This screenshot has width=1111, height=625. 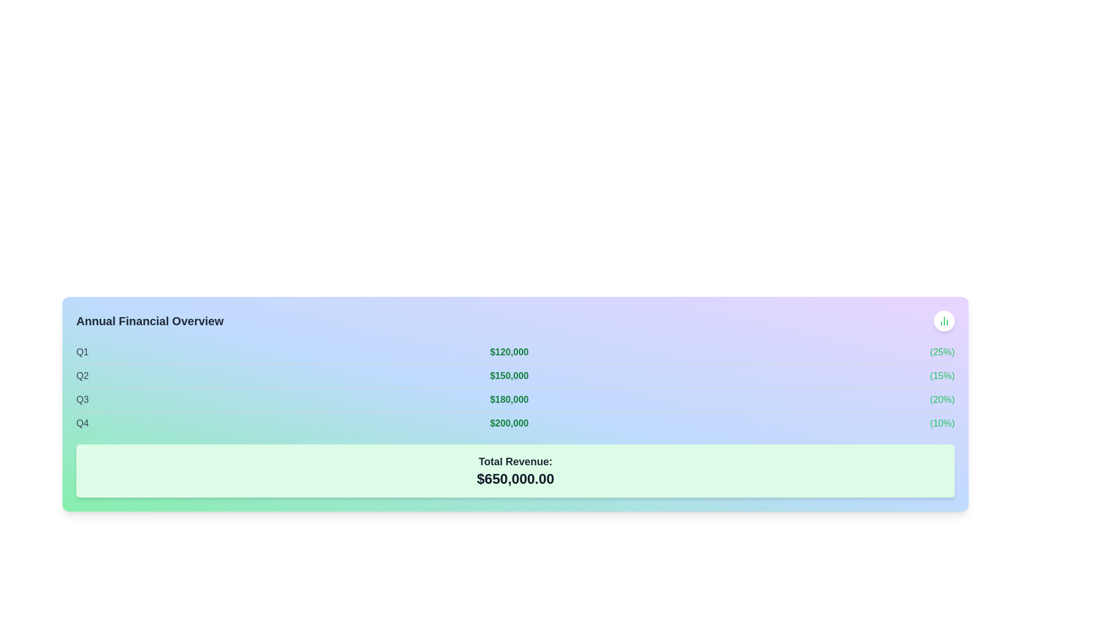 What do you see at coordinates (82, 399) in the screenshot?
I see `text label displaying 'Q3' which is formatted in a medium gray font and located in the summary section as the first item in its row` at bounding box center [82, 399].